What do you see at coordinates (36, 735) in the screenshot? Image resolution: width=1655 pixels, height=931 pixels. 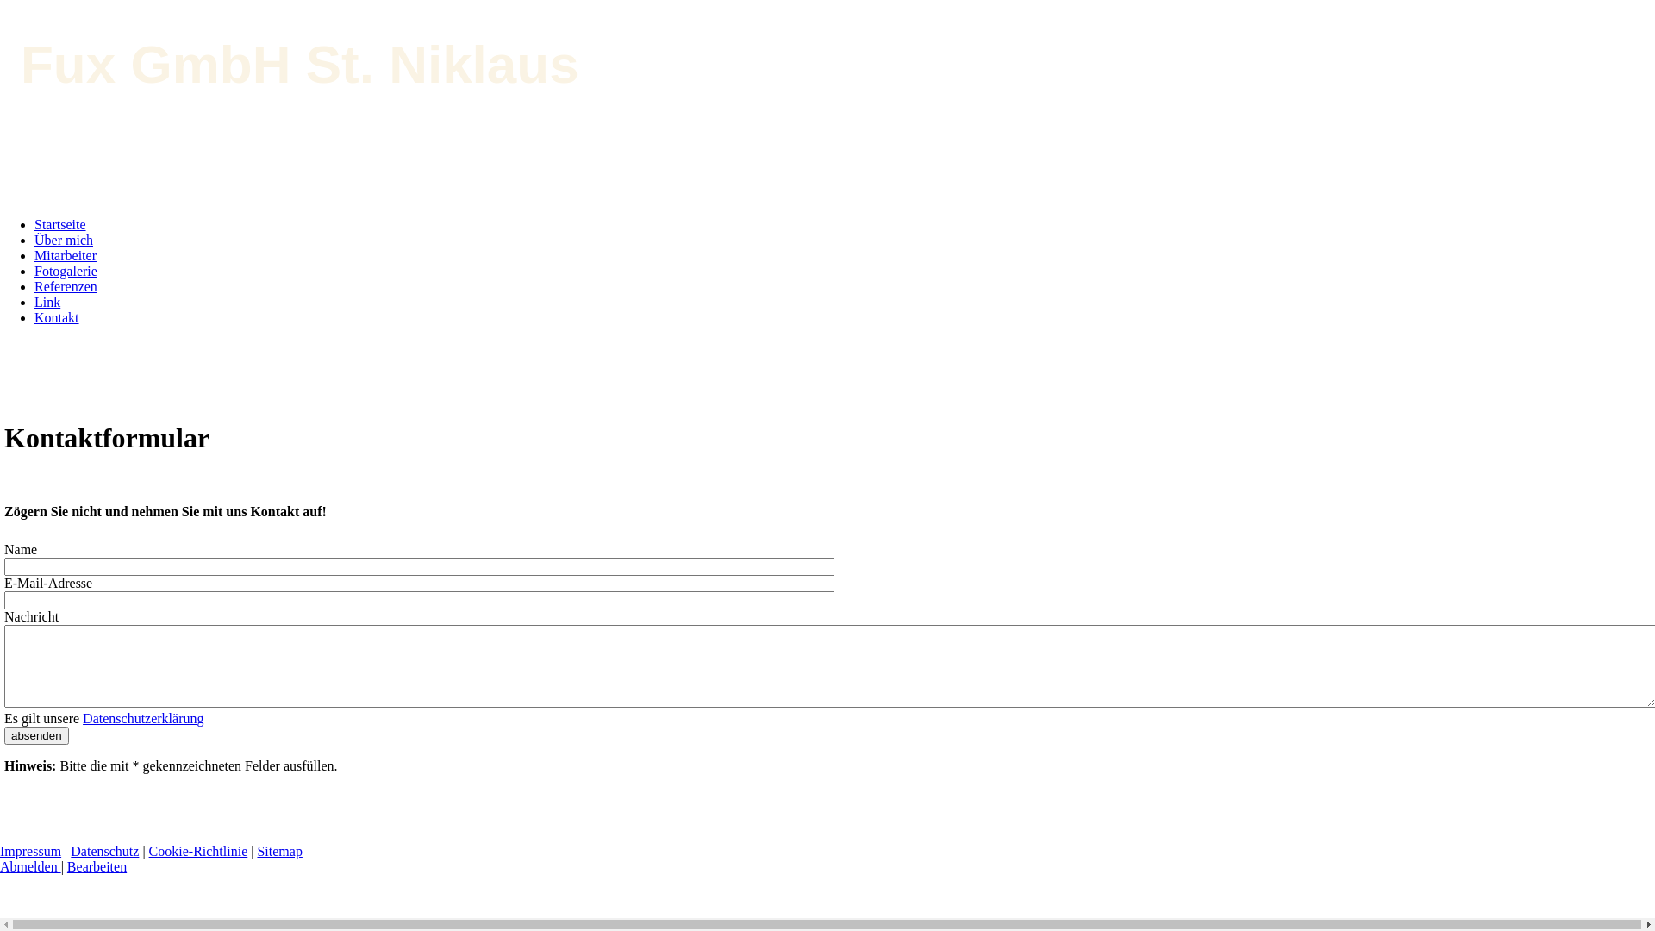 I see `'absenden'` at bounding box center [36, 735].